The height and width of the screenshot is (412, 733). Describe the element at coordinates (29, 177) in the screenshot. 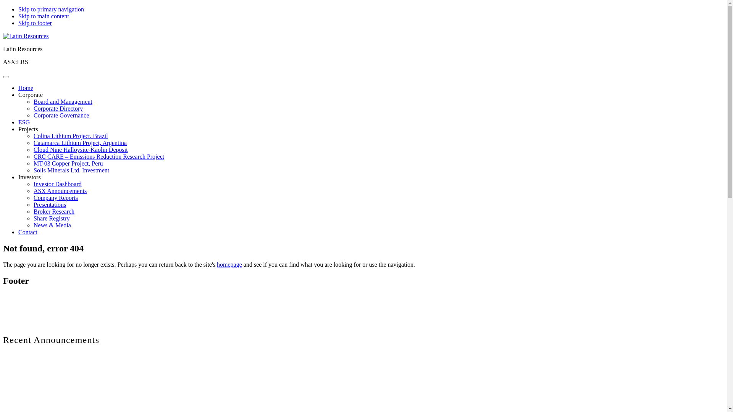

I see `'Investors'` at that location.